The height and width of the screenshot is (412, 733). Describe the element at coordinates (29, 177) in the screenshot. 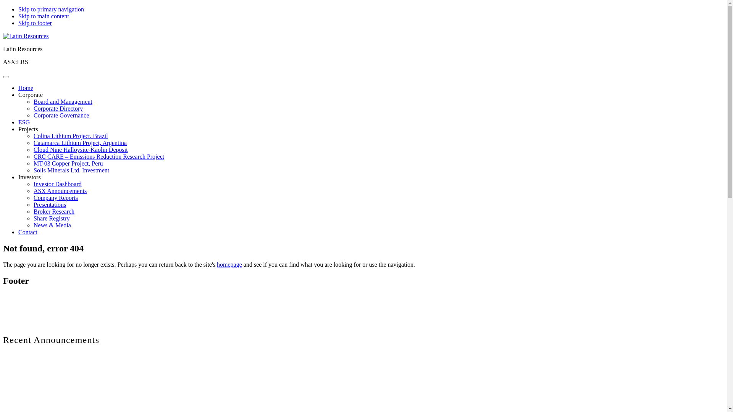

I see `'Investors'` at that location.